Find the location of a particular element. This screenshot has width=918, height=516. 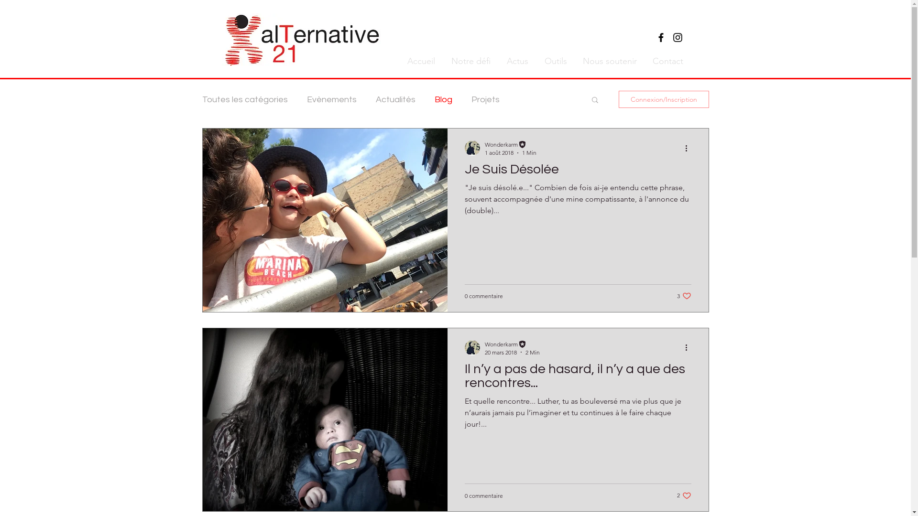

'0 commentaire' is located at coordinates (484, 295).